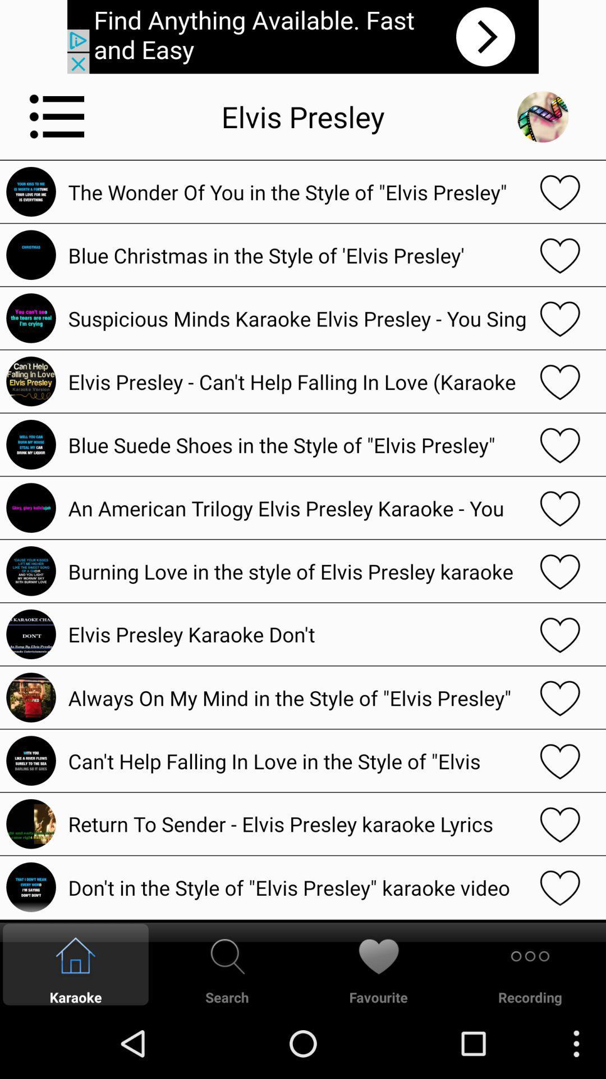  I want to click on love selection, so click(560, 381).